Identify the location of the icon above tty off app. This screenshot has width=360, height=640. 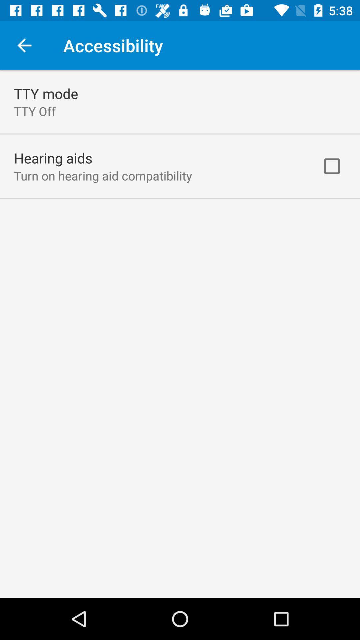
(46, 93).